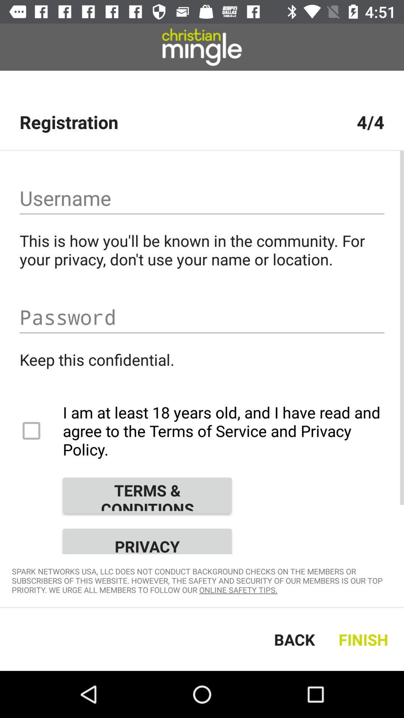  Describe the element at coordinates (202, 317) in the screenshot. I see `password` at that location.